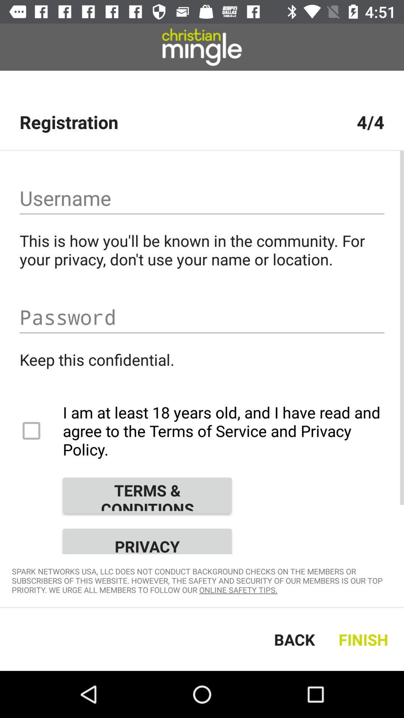  Describe the element at coordinates (202, 317) in the screenshot. I see `password` at that location.